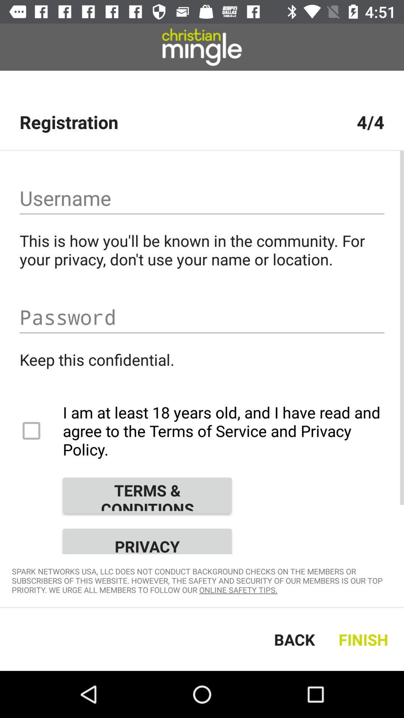  Describe the element at coordinates (202, 317) in the screenshot. I see `password` at that location.